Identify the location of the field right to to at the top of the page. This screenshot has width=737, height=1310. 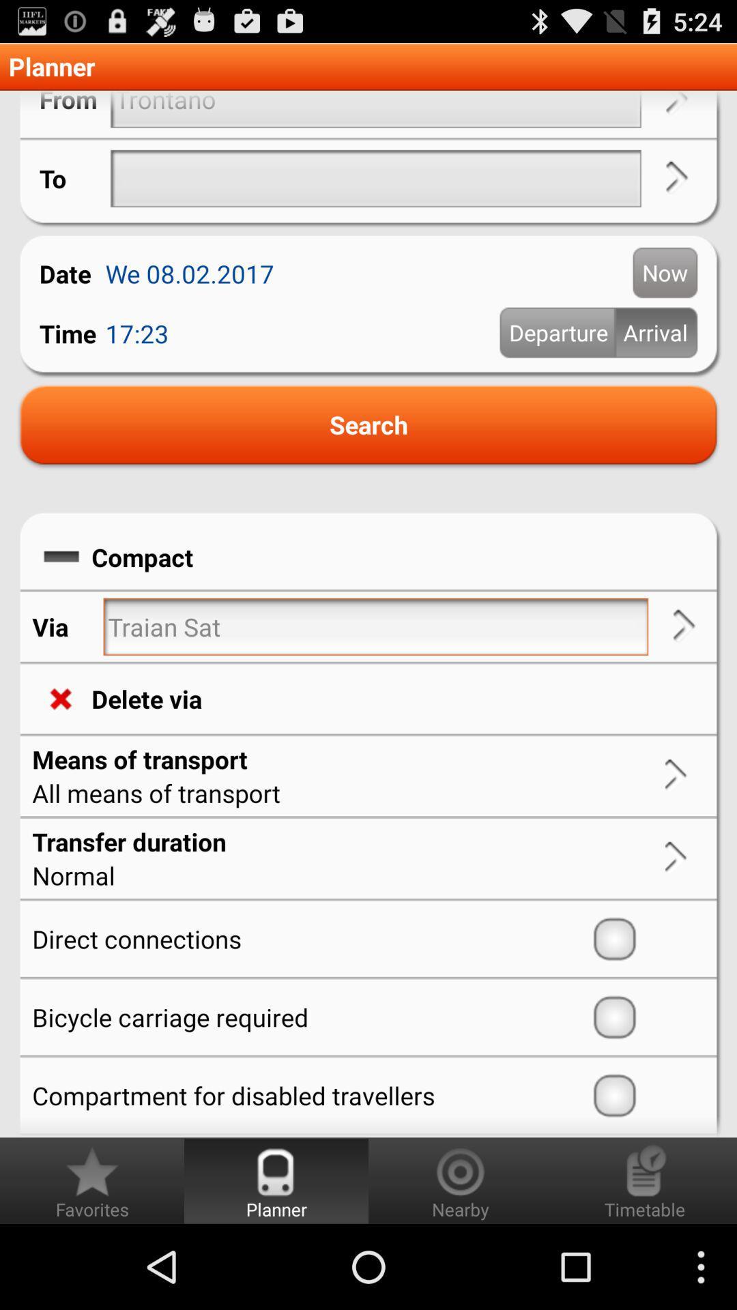
(376, 178).